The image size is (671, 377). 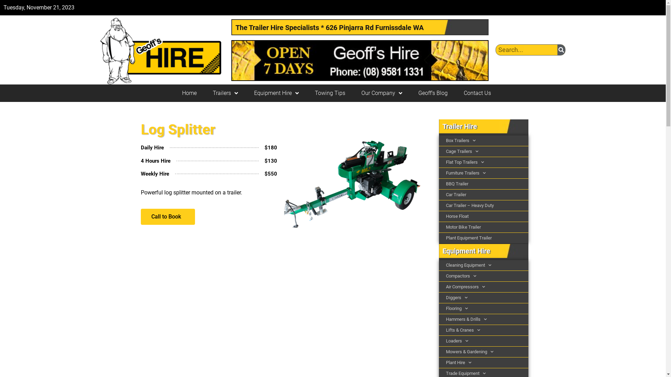 What do you see at coordinates (439, 352) in the screenshot?
I see `'Mowers & Gardening'` at bounding box center [439, 352].